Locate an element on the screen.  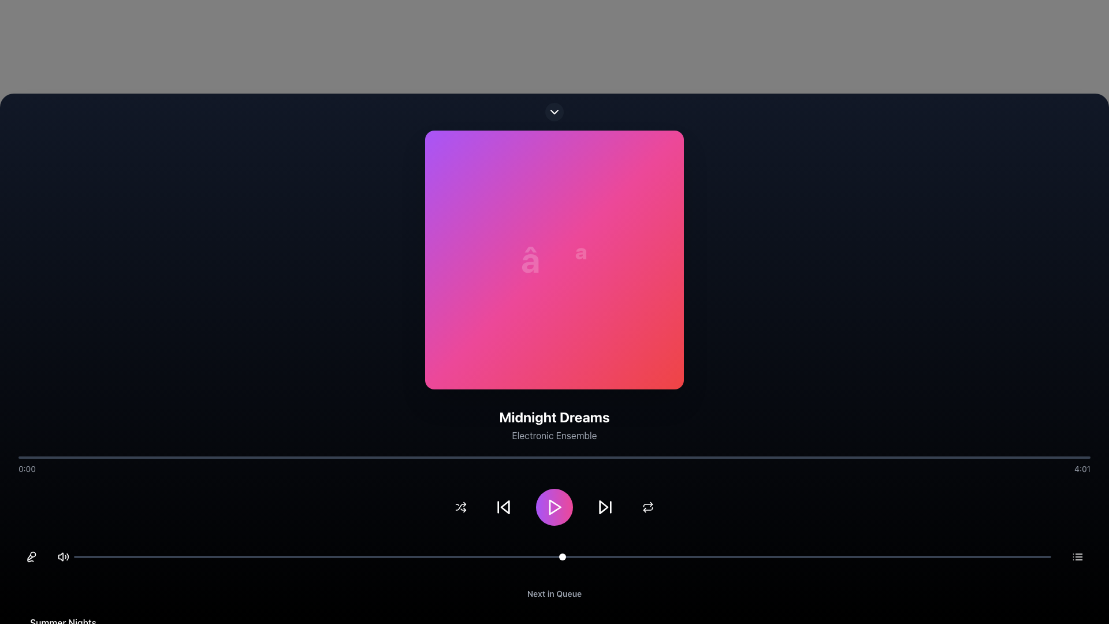
the skip button icon, which is located to the right of the play button in the media control interface, to possibly view a tooltip is located at coordinates (604, 507).